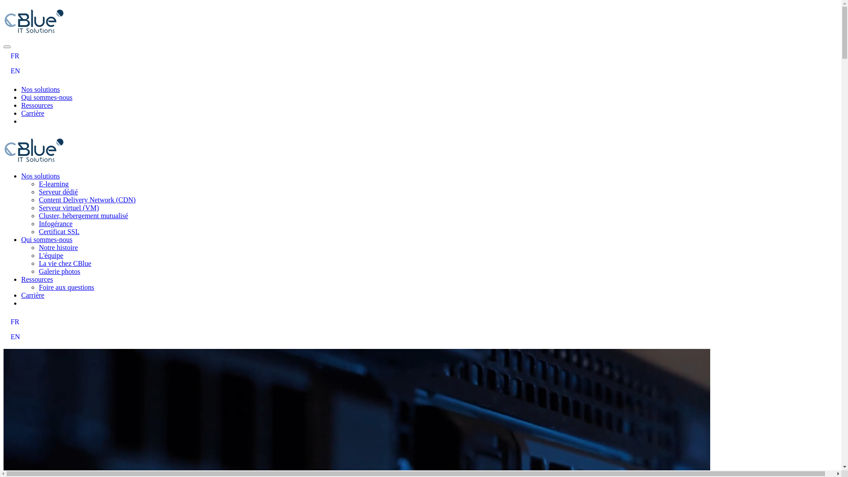 This screenshot has height=477, width=848. What do you see at coordinates (32, 121) in the screenshot?
I see `'Contact'` at bounding box center [32, 121].